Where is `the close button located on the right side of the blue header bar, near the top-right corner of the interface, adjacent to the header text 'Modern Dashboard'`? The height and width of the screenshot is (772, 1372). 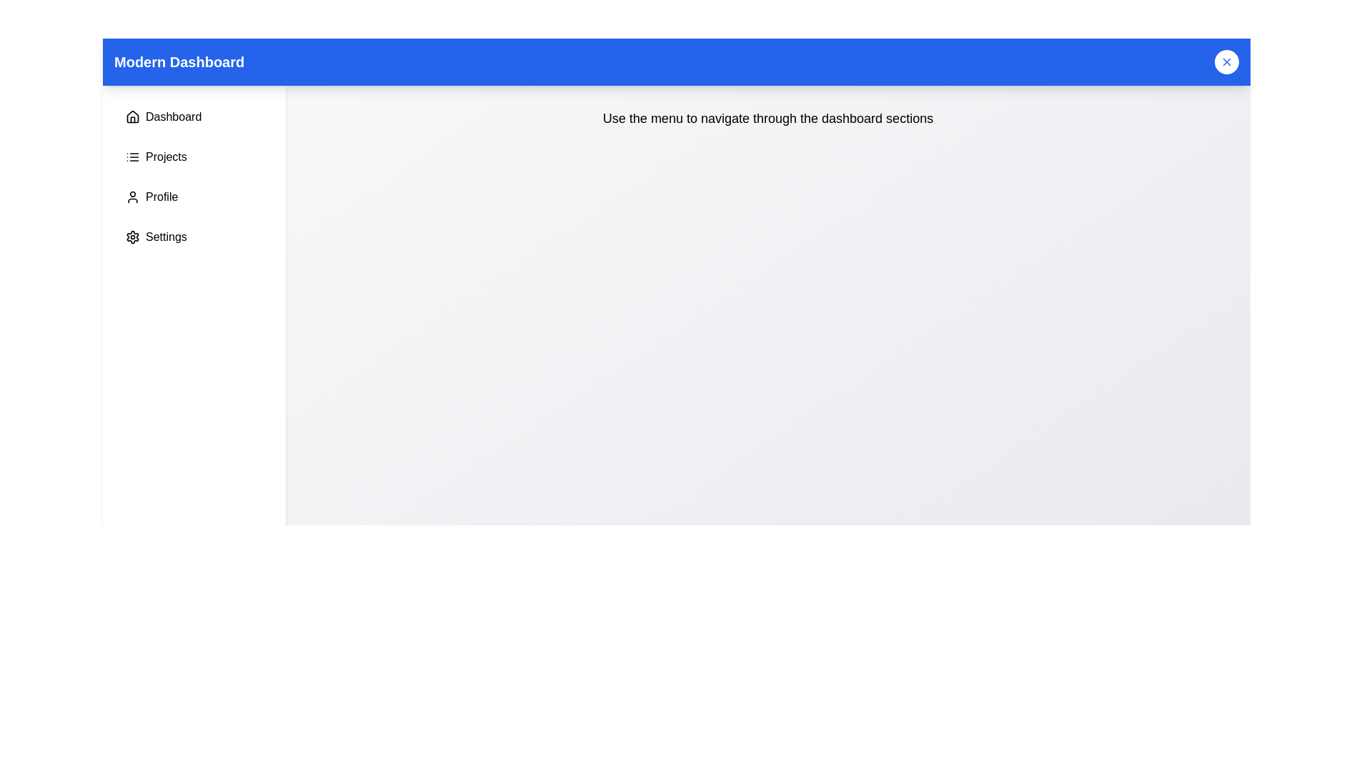 the close button located on the right side of the blue header bar, near the top-right corner of the interface, adjacent to the header text 'Modern Dashboard' is located at coordinates (1226, 61).